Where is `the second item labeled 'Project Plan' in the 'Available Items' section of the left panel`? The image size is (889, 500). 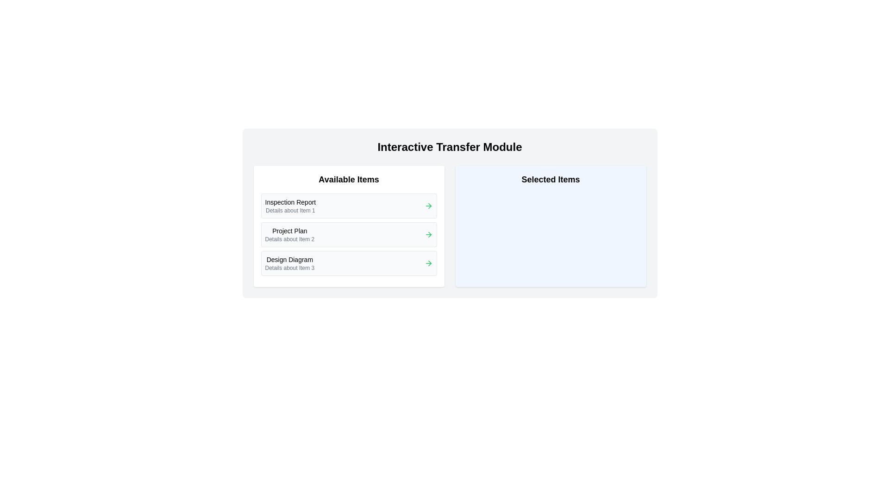
the second item labeled 'Project Plan' in the 'Available Items' section of the left panel is located at coordinates (348, 234).